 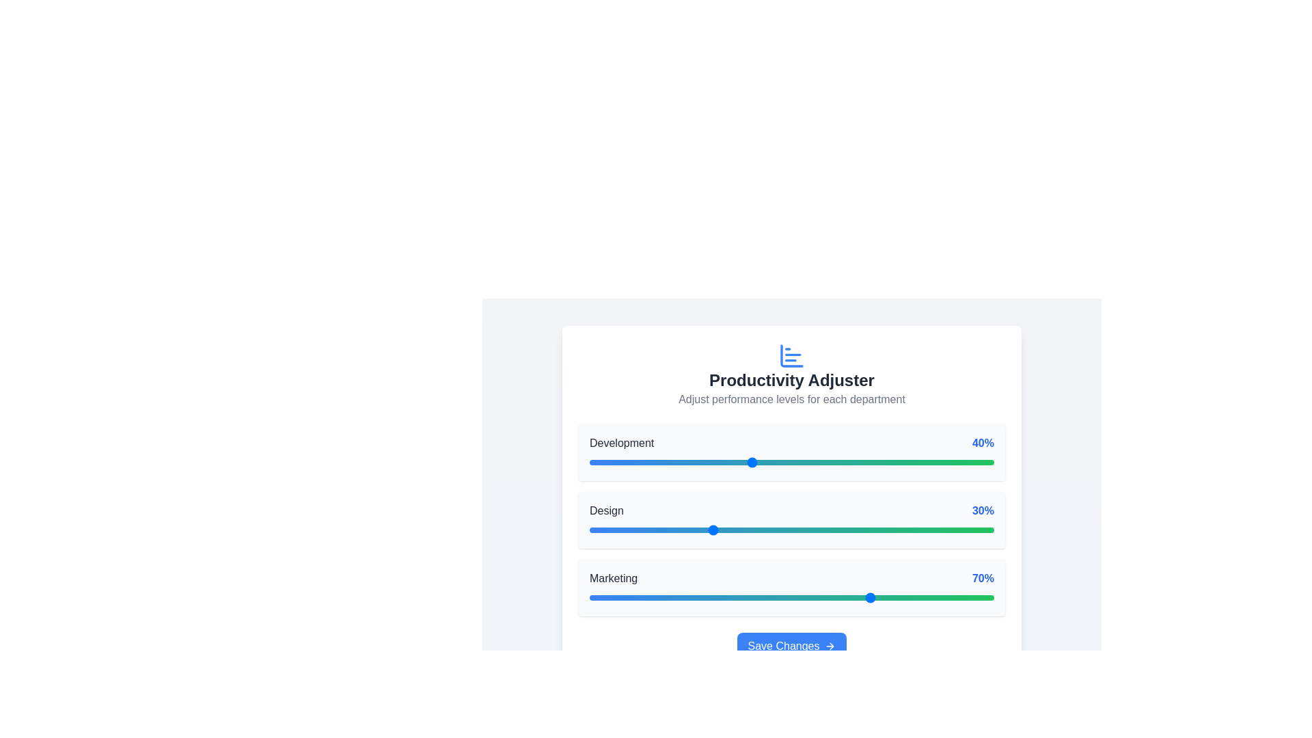 What do you see at coordinates (613, 579) in the screenshot?
I see `the 'Marketing' text label, which is styled in a medium-weight font and dark gray color, located in the lower section of a white card-like interface, positioned to the left of the '70%' percentage indicator` at bounding box center [613, 579].